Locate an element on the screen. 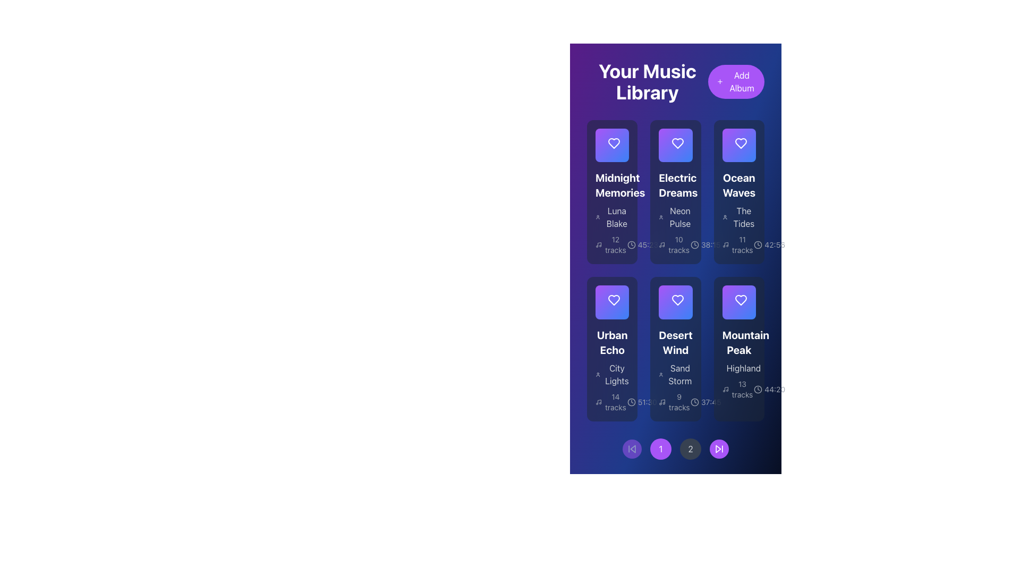  the favorite icon on the 'Midnight Memories' album card located at the top left of the grid layout to mark it as a favorite is located at coordinates (614, 143).